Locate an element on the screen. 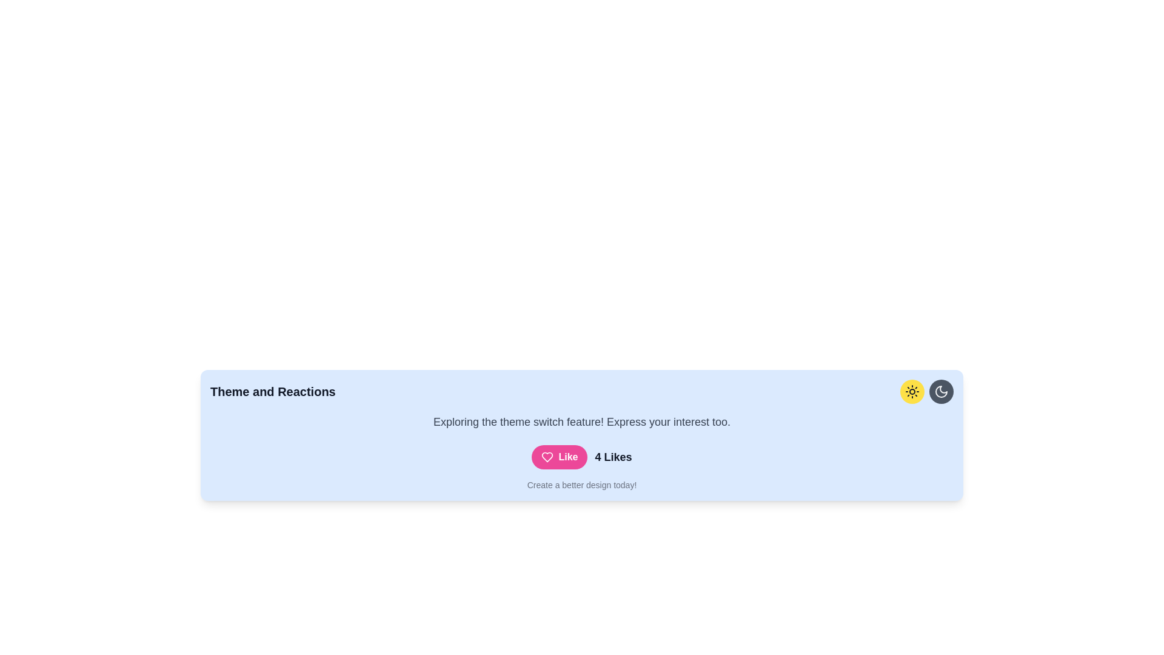  the text label displaying '4 Likes' in bold and large dark gray font, located to the right of the pink 'Like' button with a heart icon is located at coordinates (614, 457).